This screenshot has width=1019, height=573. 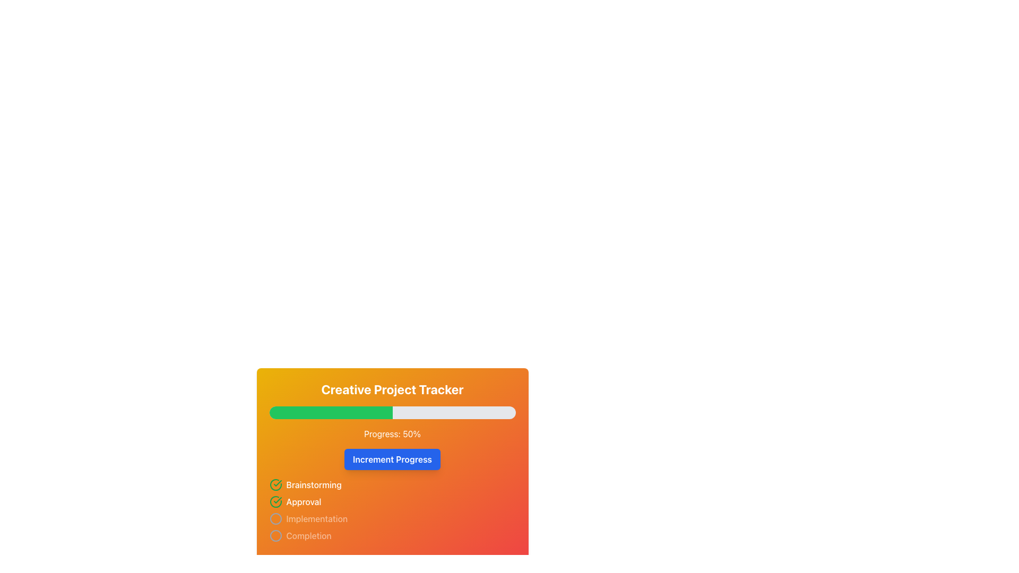 I want to click on the progress level represented by the filled portion of the progress indicator located within the gray progress bar at the top of the colored card interface, so click(x=330, y=412).